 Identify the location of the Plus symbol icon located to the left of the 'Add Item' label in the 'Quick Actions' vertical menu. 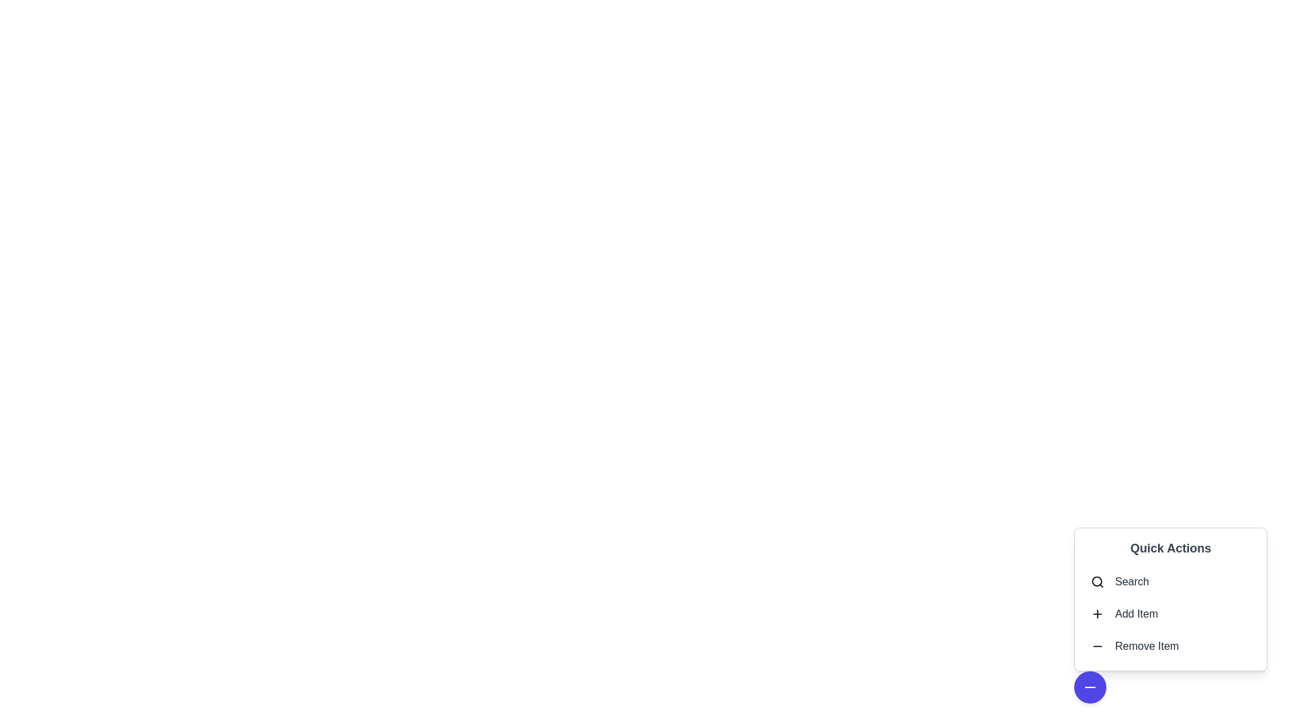
(1098, 614).